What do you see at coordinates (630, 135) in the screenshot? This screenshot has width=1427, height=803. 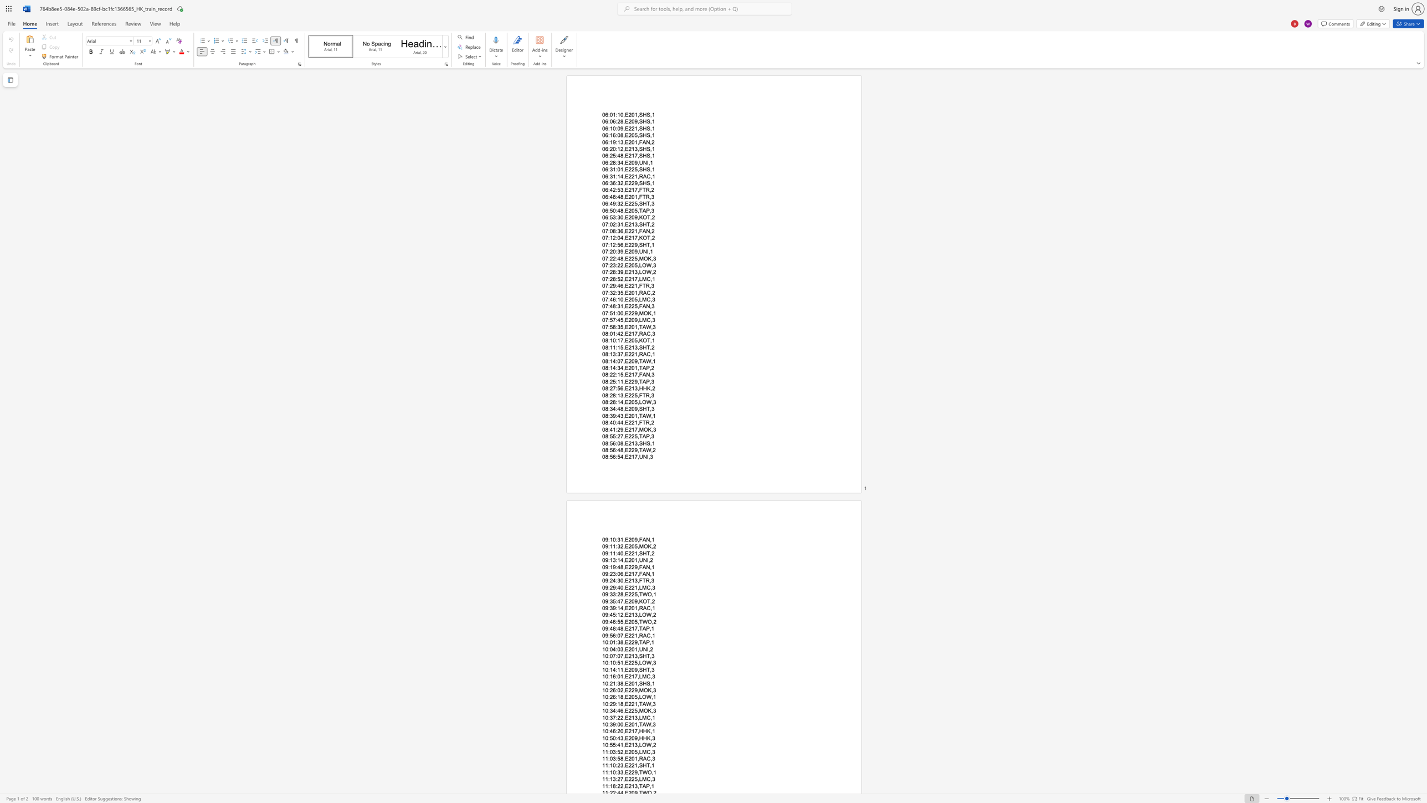 I see `the space between the continuous character "2" and "0" in the text` at bounding box center [630, 135].